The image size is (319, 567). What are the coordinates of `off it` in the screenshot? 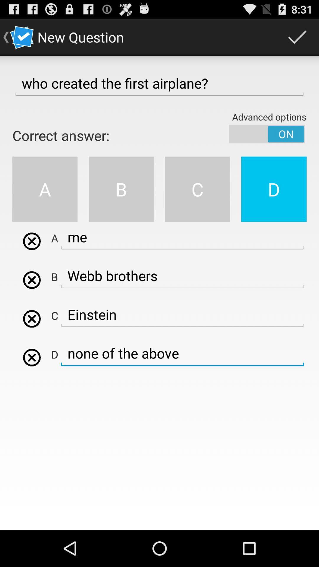 It's located at (267, 133).